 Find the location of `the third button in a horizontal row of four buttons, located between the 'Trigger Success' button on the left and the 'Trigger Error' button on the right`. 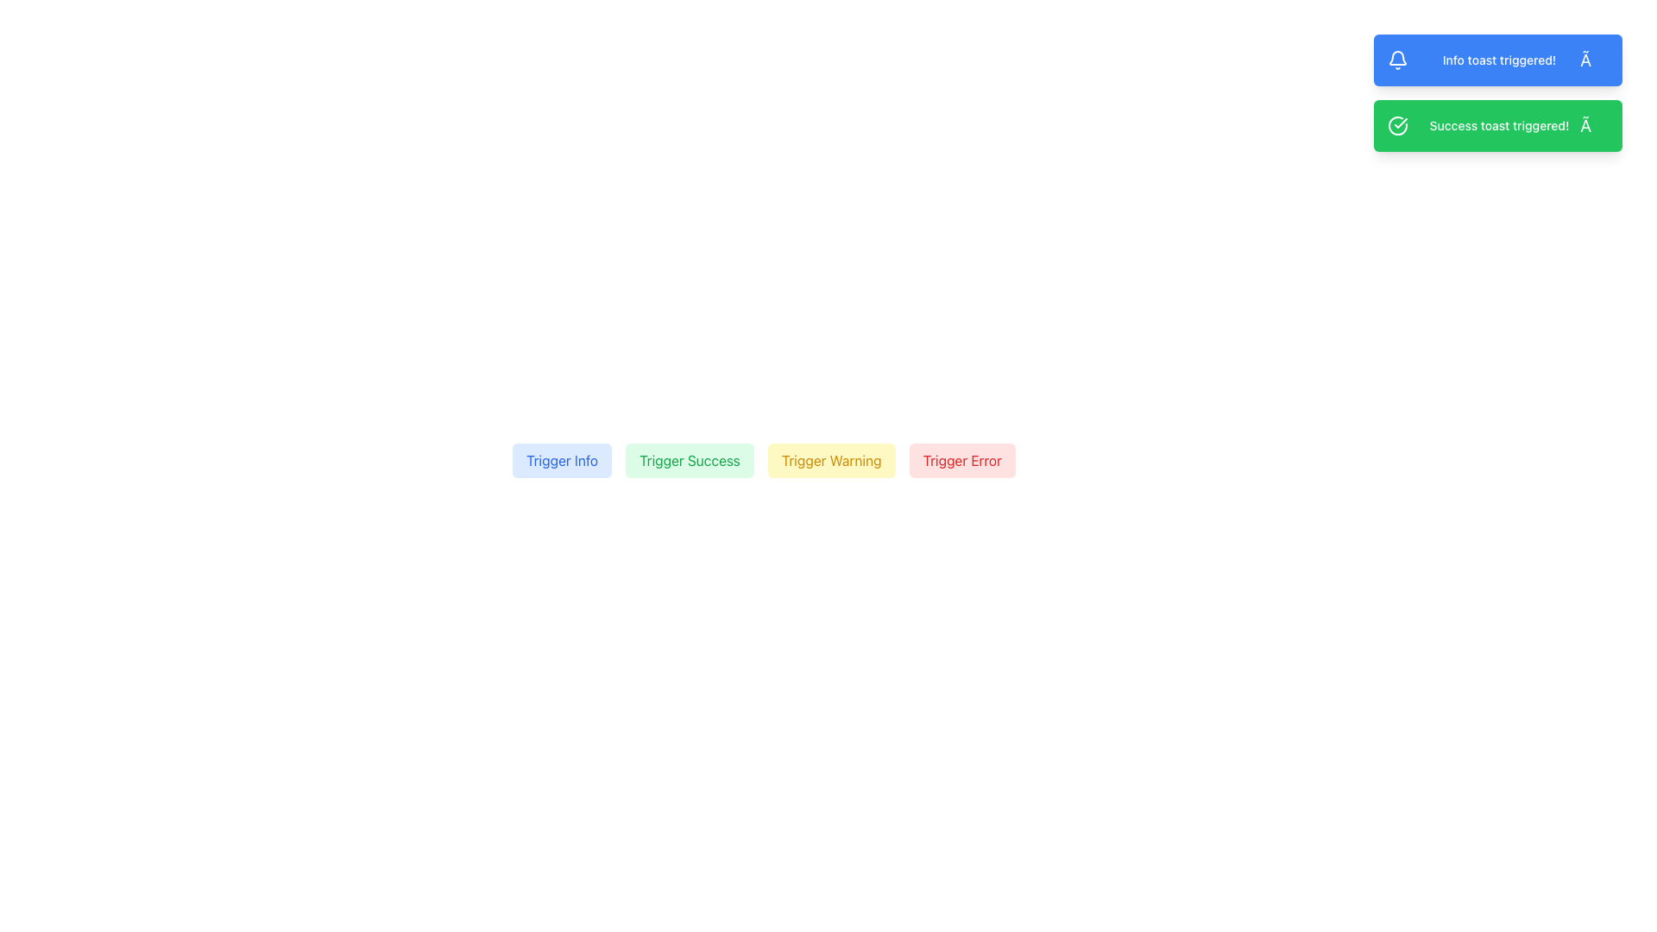

the third button in a horizontal row of four buttons, located between the 'Trigger Success' button on the left and the 'Trigger Error' button on the right is located at coordinates (831, 459).